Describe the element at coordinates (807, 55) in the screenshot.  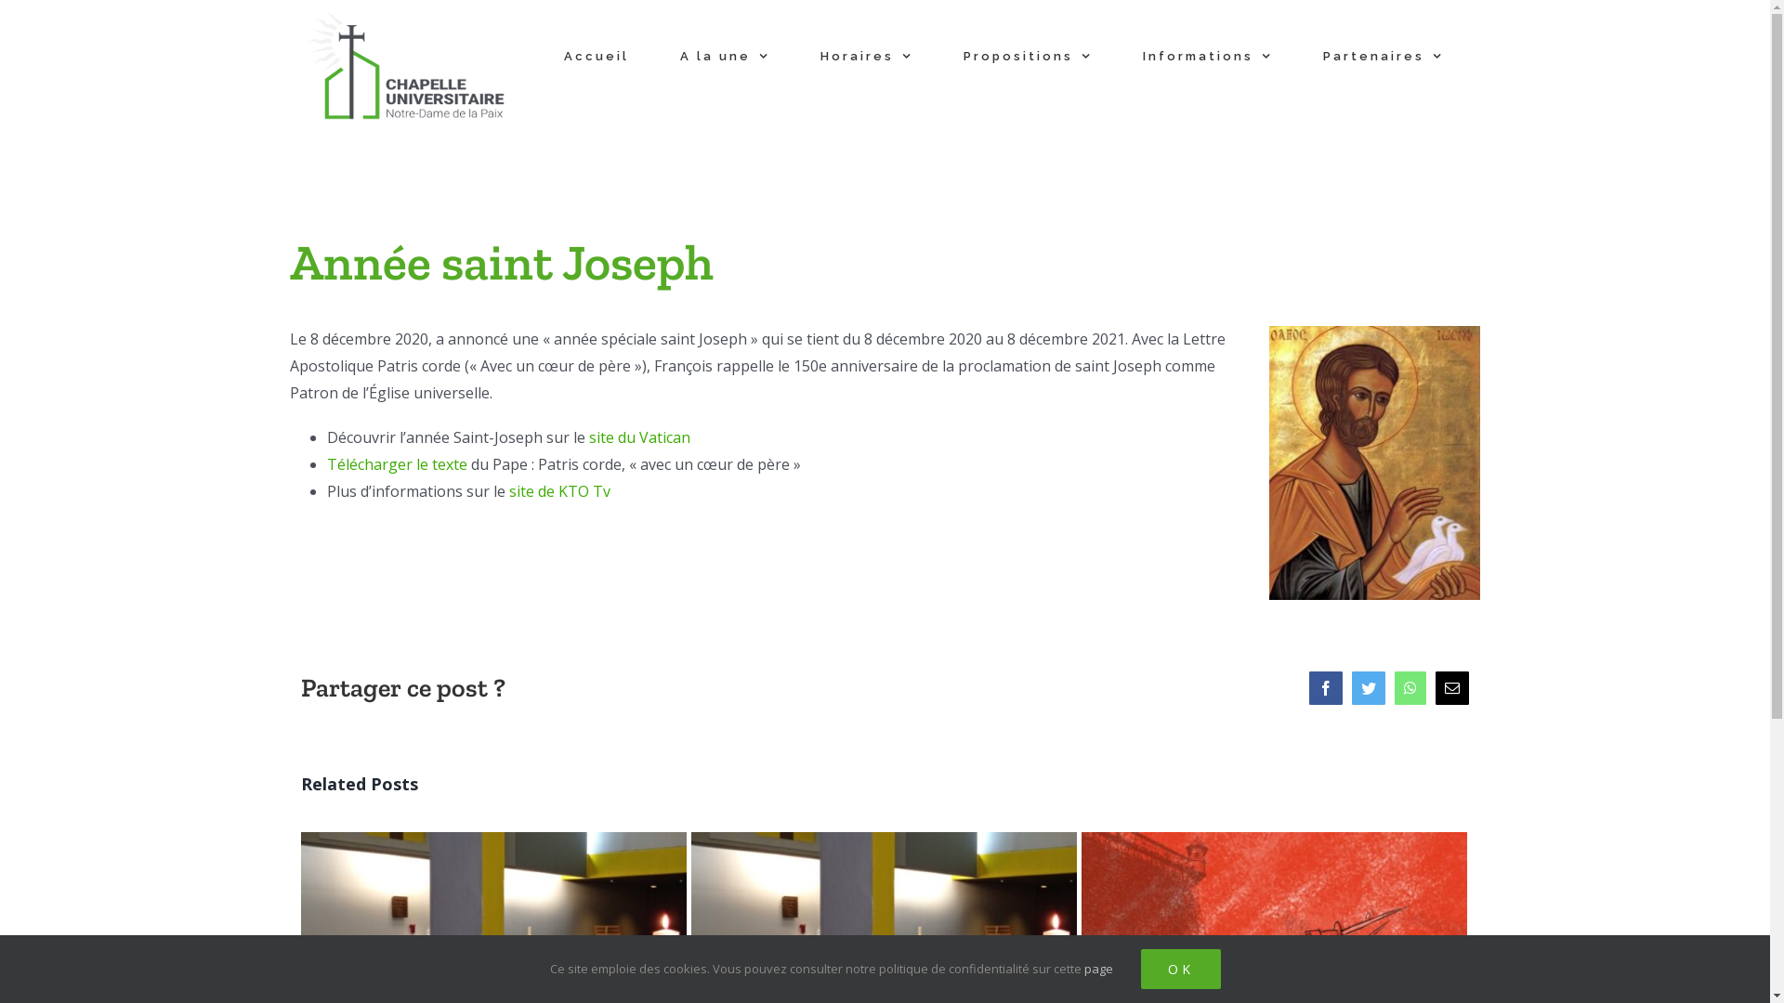
I see `'Horaires'` at that location.